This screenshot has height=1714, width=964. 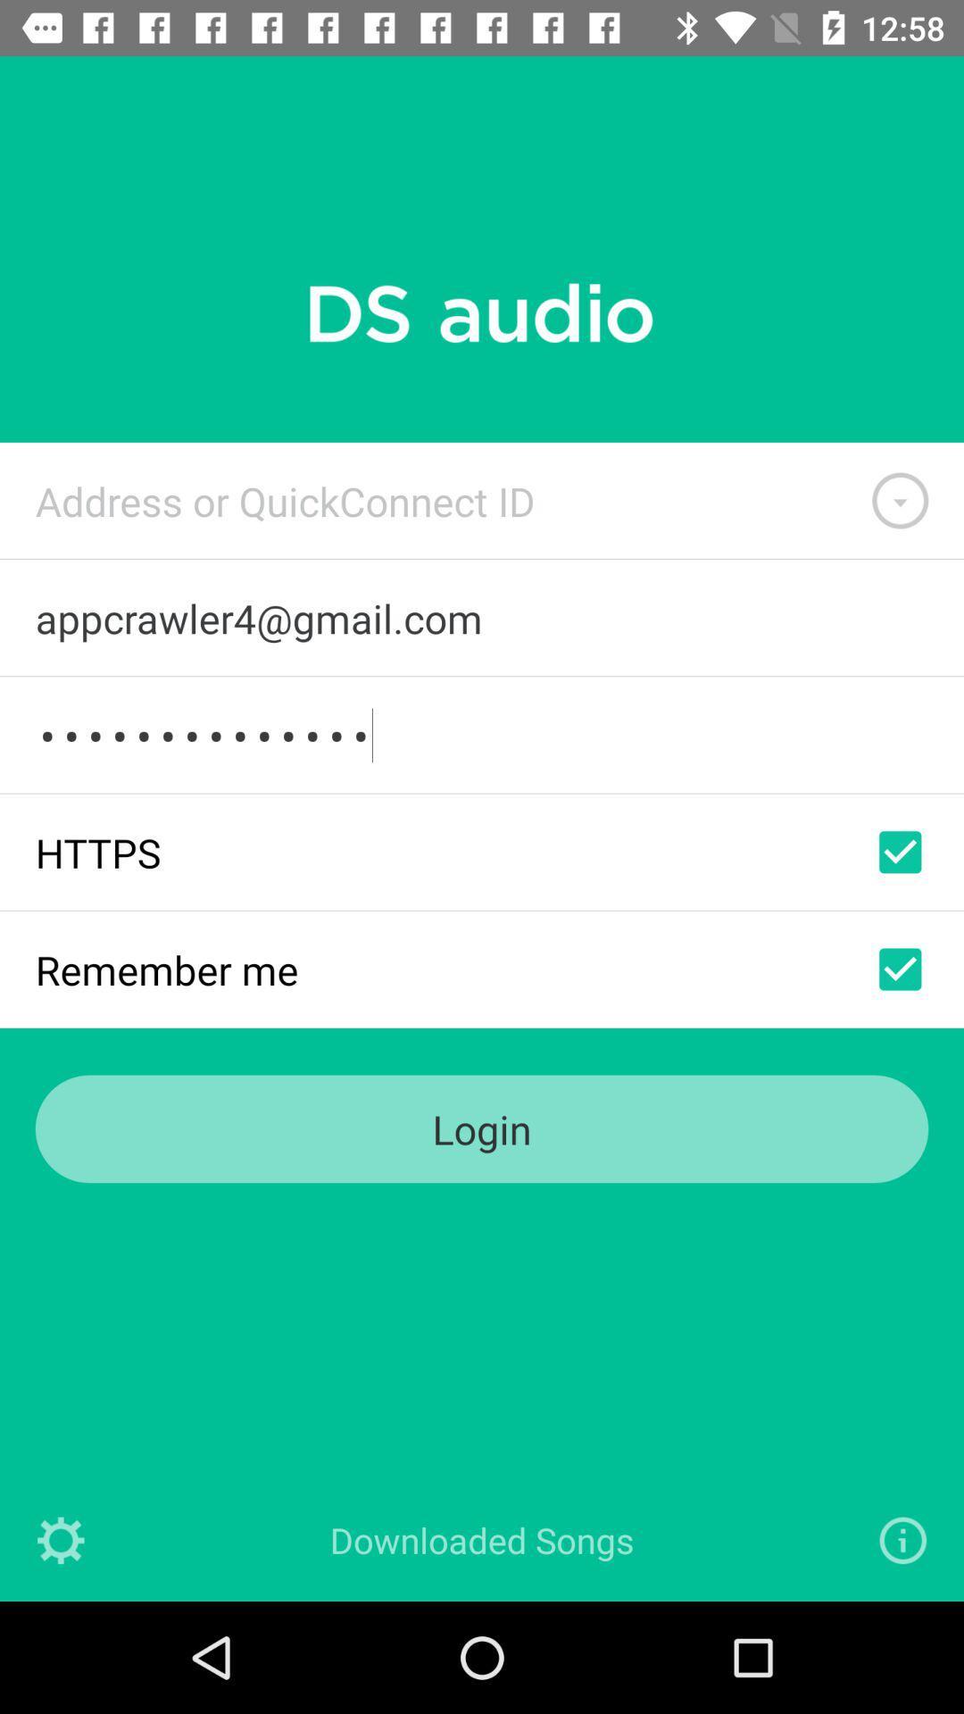 What do you see at coordinates (900, 500) in the screenshot?
I see `the expand_more icon` at bounding box center [900, 500].